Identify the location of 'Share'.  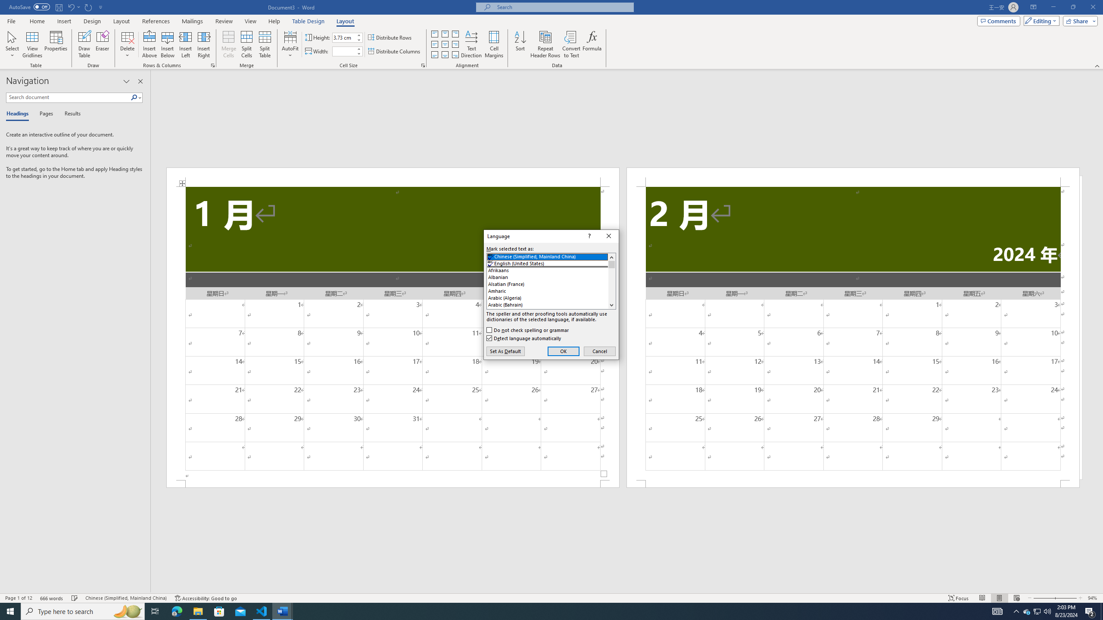
(1078, 20).